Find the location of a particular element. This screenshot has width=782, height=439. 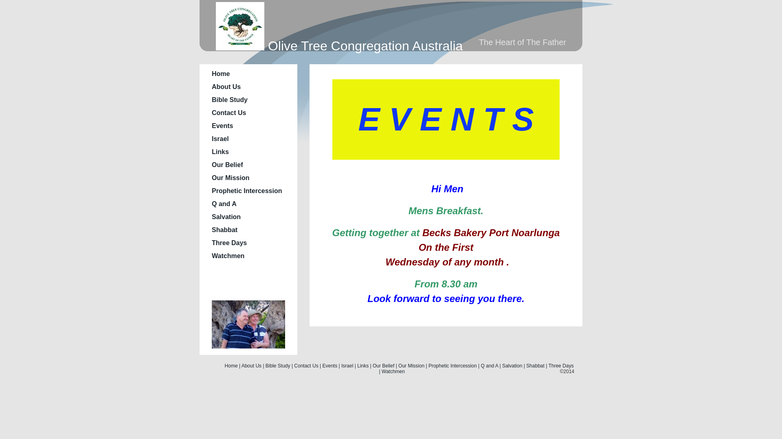

'Events' is located at coordinates (222, 126).